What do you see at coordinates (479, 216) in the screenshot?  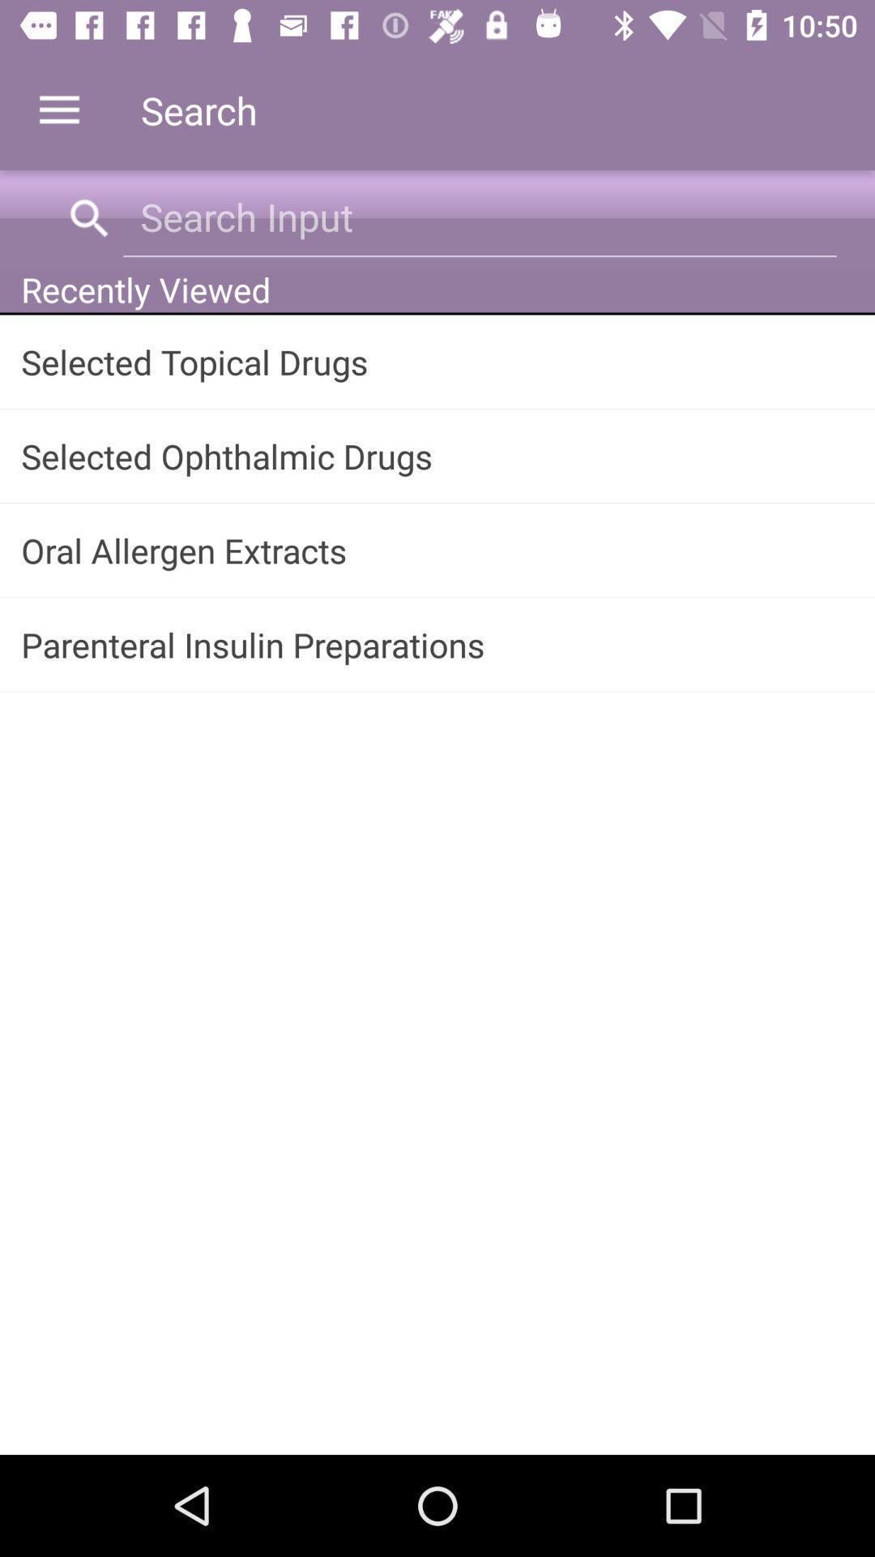 I see `the keyword` at bounding box center [479, 216].